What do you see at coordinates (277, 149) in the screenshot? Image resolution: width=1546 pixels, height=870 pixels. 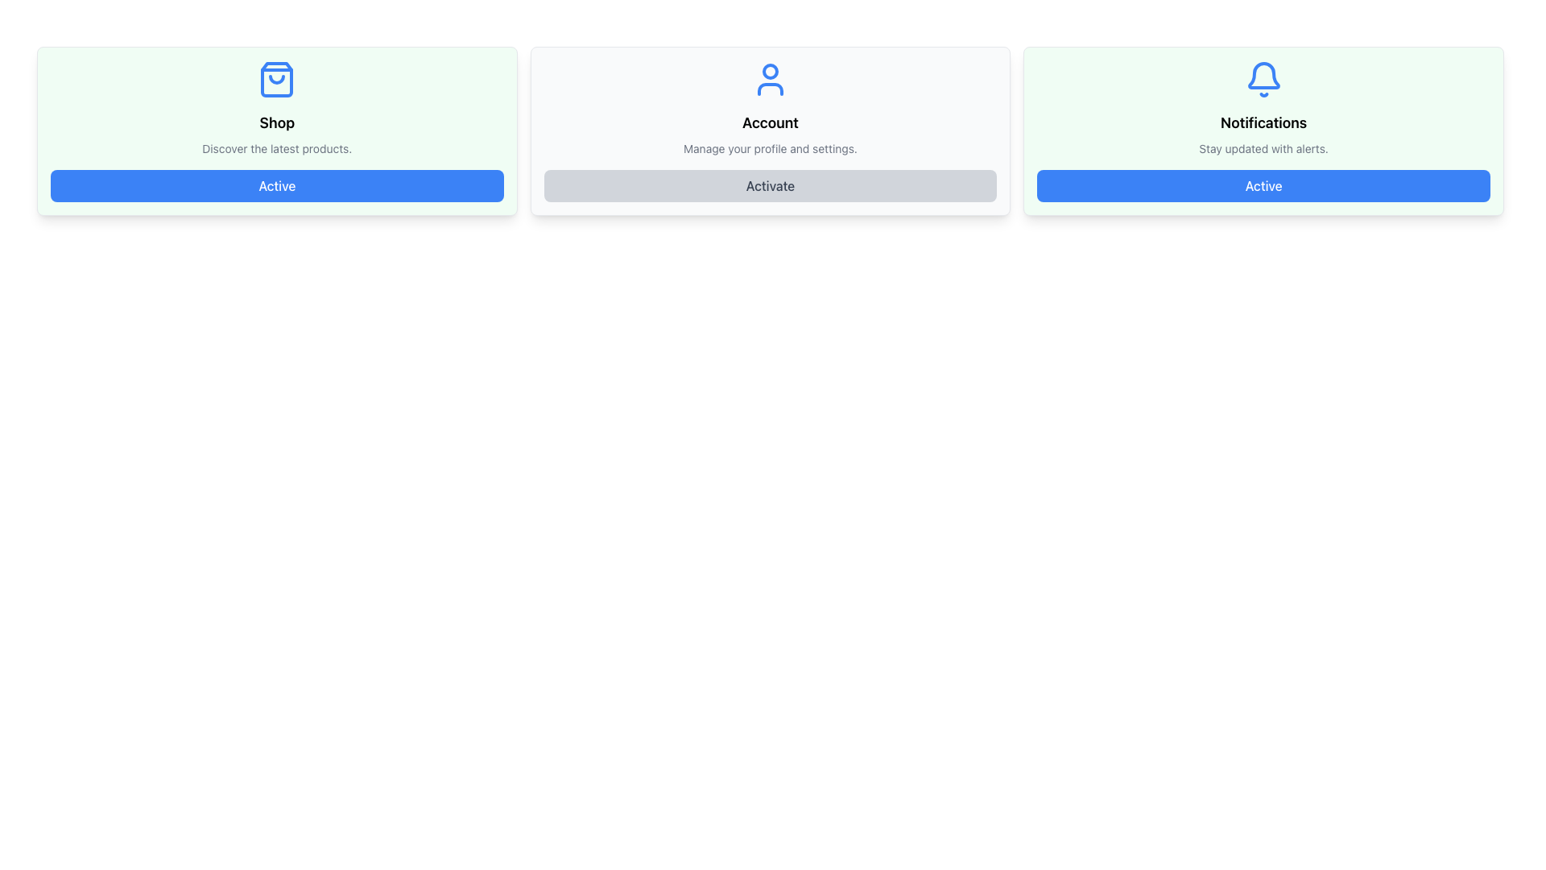 I see `the descriptive text label within the 'Shop' card, which is located below the bold 'Shop' title and above the blue 'Active' button` at bounding box center [277, 149].